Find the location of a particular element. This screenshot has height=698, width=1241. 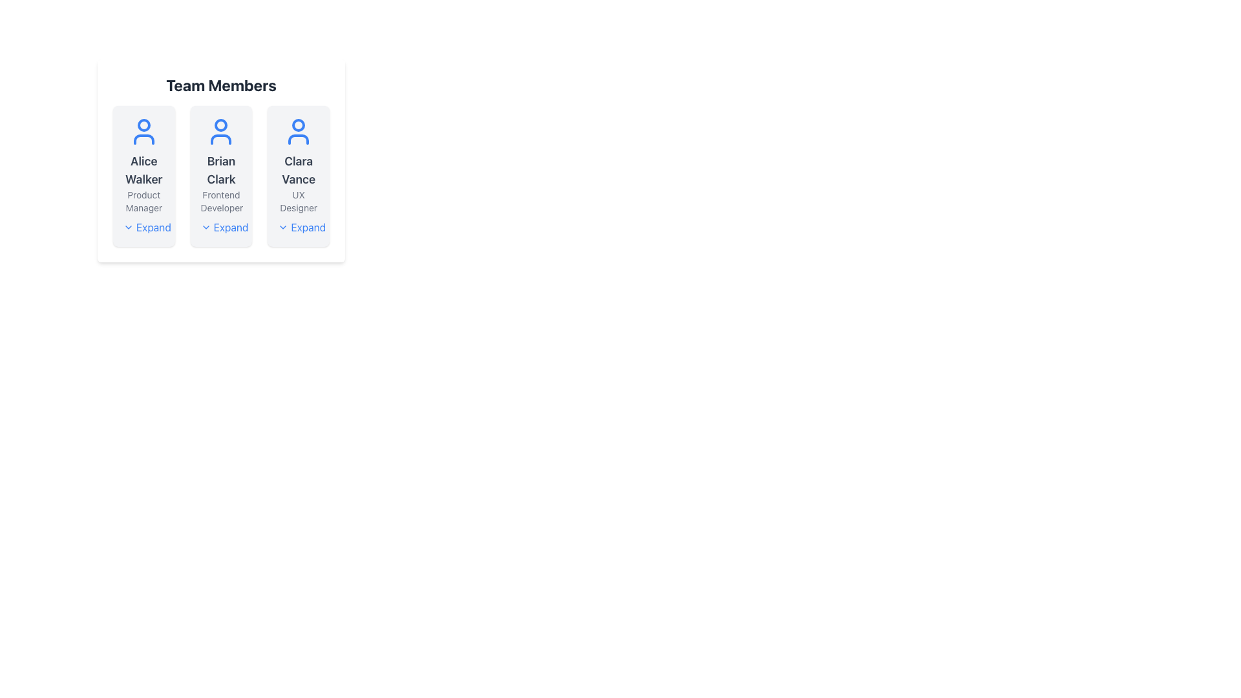

the toggle button at the bottom center of Brian Clark's profile card is located at coordinates (224, 226).